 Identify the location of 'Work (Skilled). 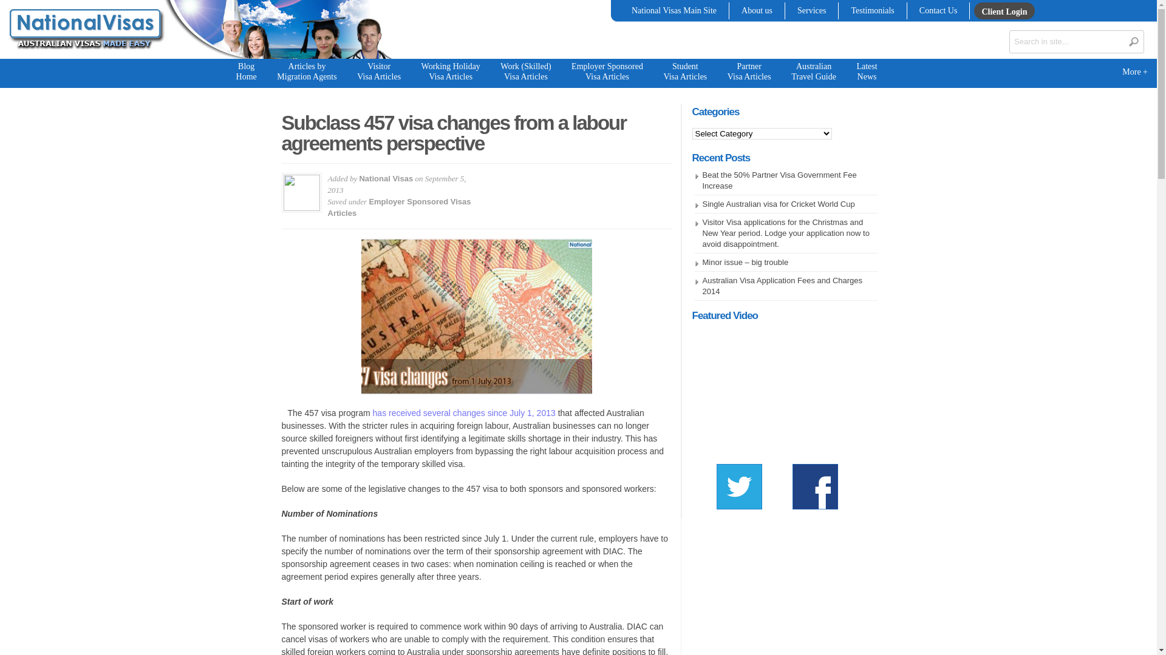
(525, 72).